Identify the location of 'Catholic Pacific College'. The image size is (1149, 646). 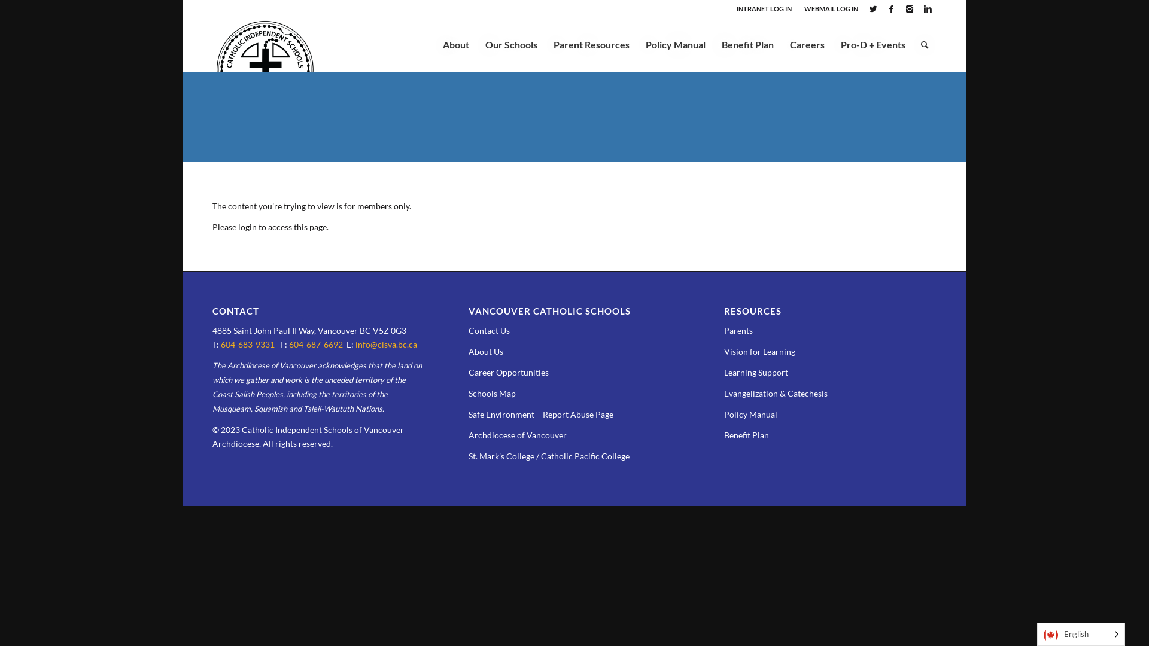
(585, 456).